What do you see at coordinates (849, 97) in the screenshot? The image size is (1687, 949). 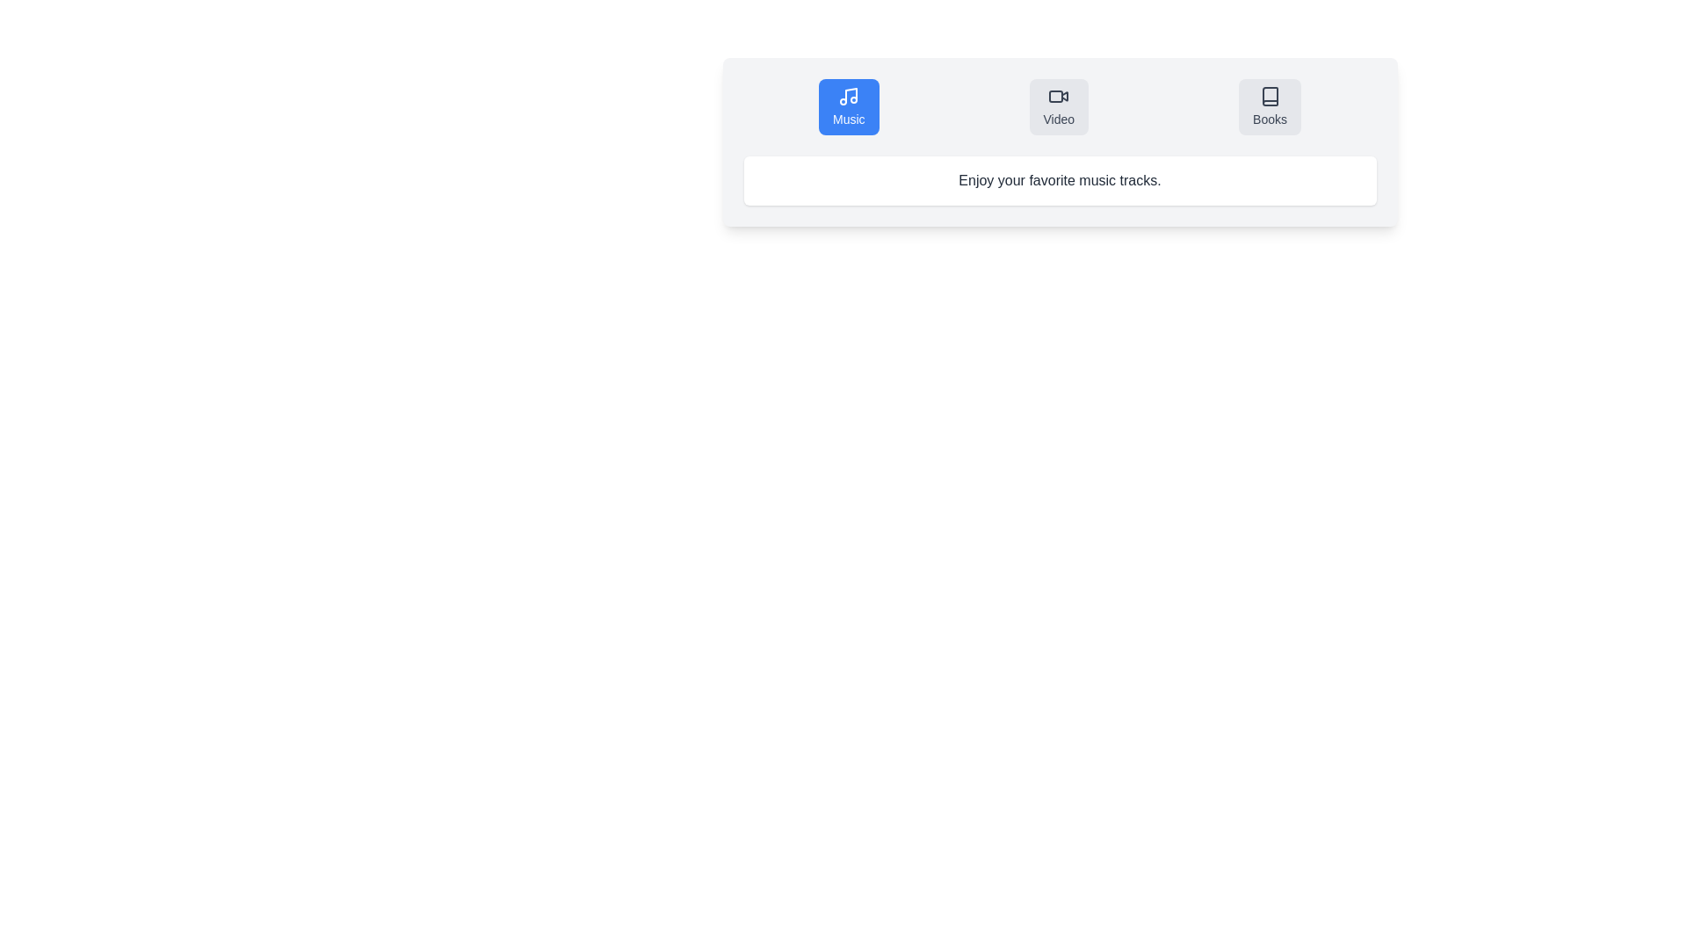 I see `the Vector graphic icon associated with the 'Music' button, which is the first button on the left in a group of three horizontally arranged buttons` at bounding box center [849, 97].